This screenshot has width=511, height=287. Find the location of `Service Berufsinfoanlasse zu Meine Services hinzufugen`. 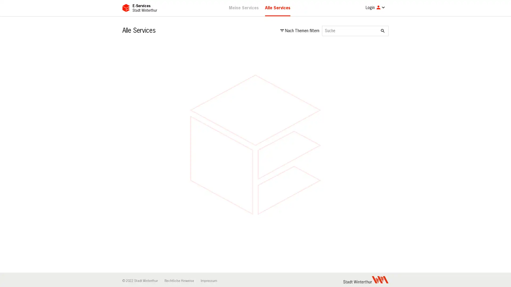

Service Berufsinfoanlasse zu Meine Services hinzufugen is located at coordinates (380, 223).